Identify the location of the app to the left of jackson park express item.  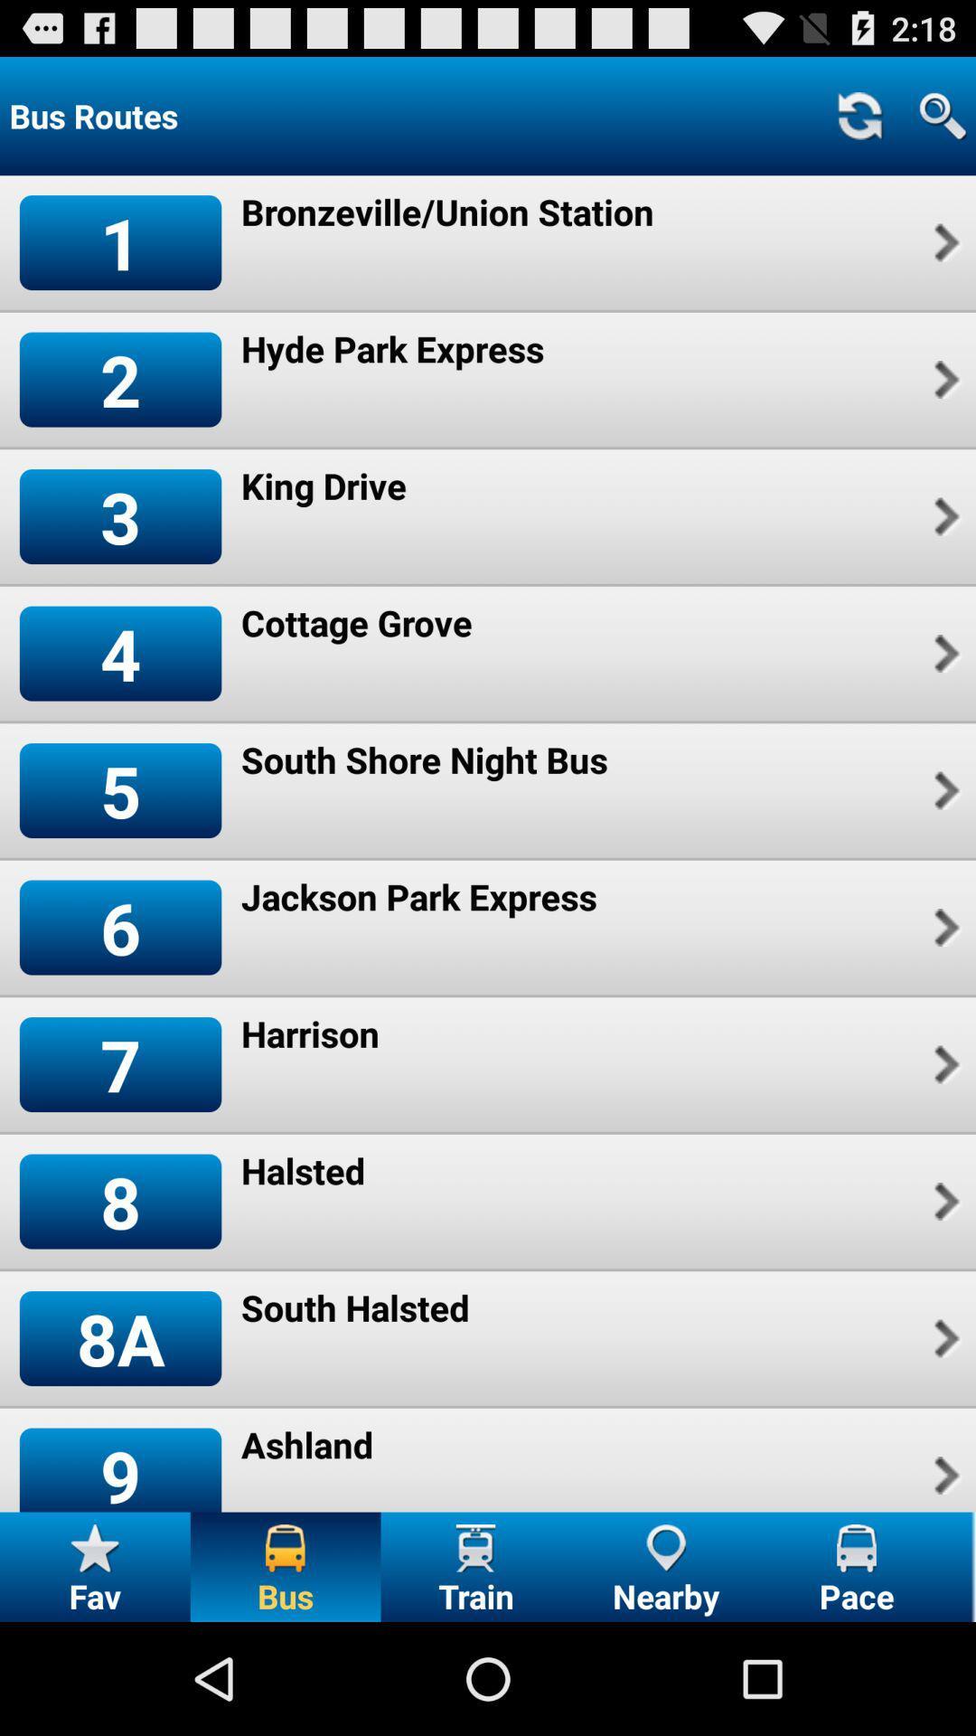
(120, 928).